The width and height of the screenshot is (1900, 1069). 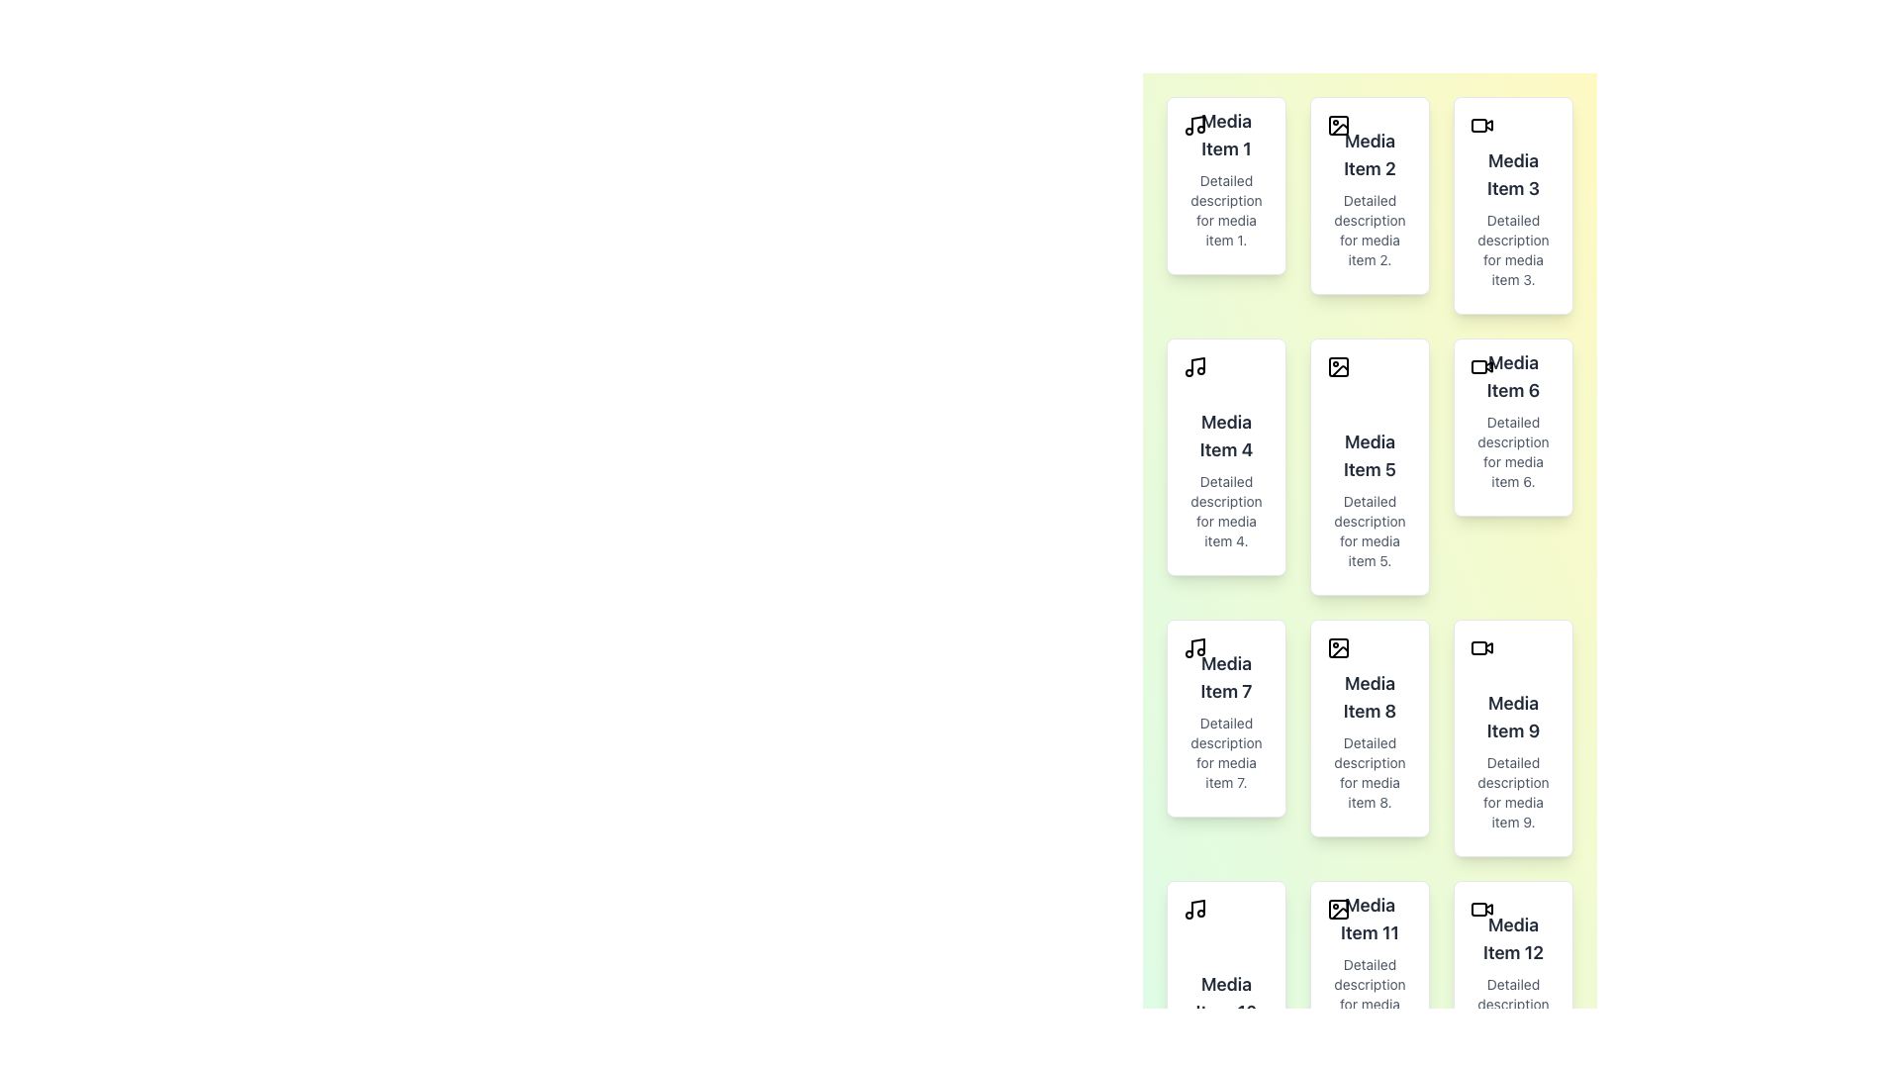 What do you see at coordinates (1512, 249) in the screenshot?
I see `the text label element that displays 'Detailed description for media item 3.', which is located beneath the title 'Media Item 3' in the third media card` at bounding box center [1512, 249].